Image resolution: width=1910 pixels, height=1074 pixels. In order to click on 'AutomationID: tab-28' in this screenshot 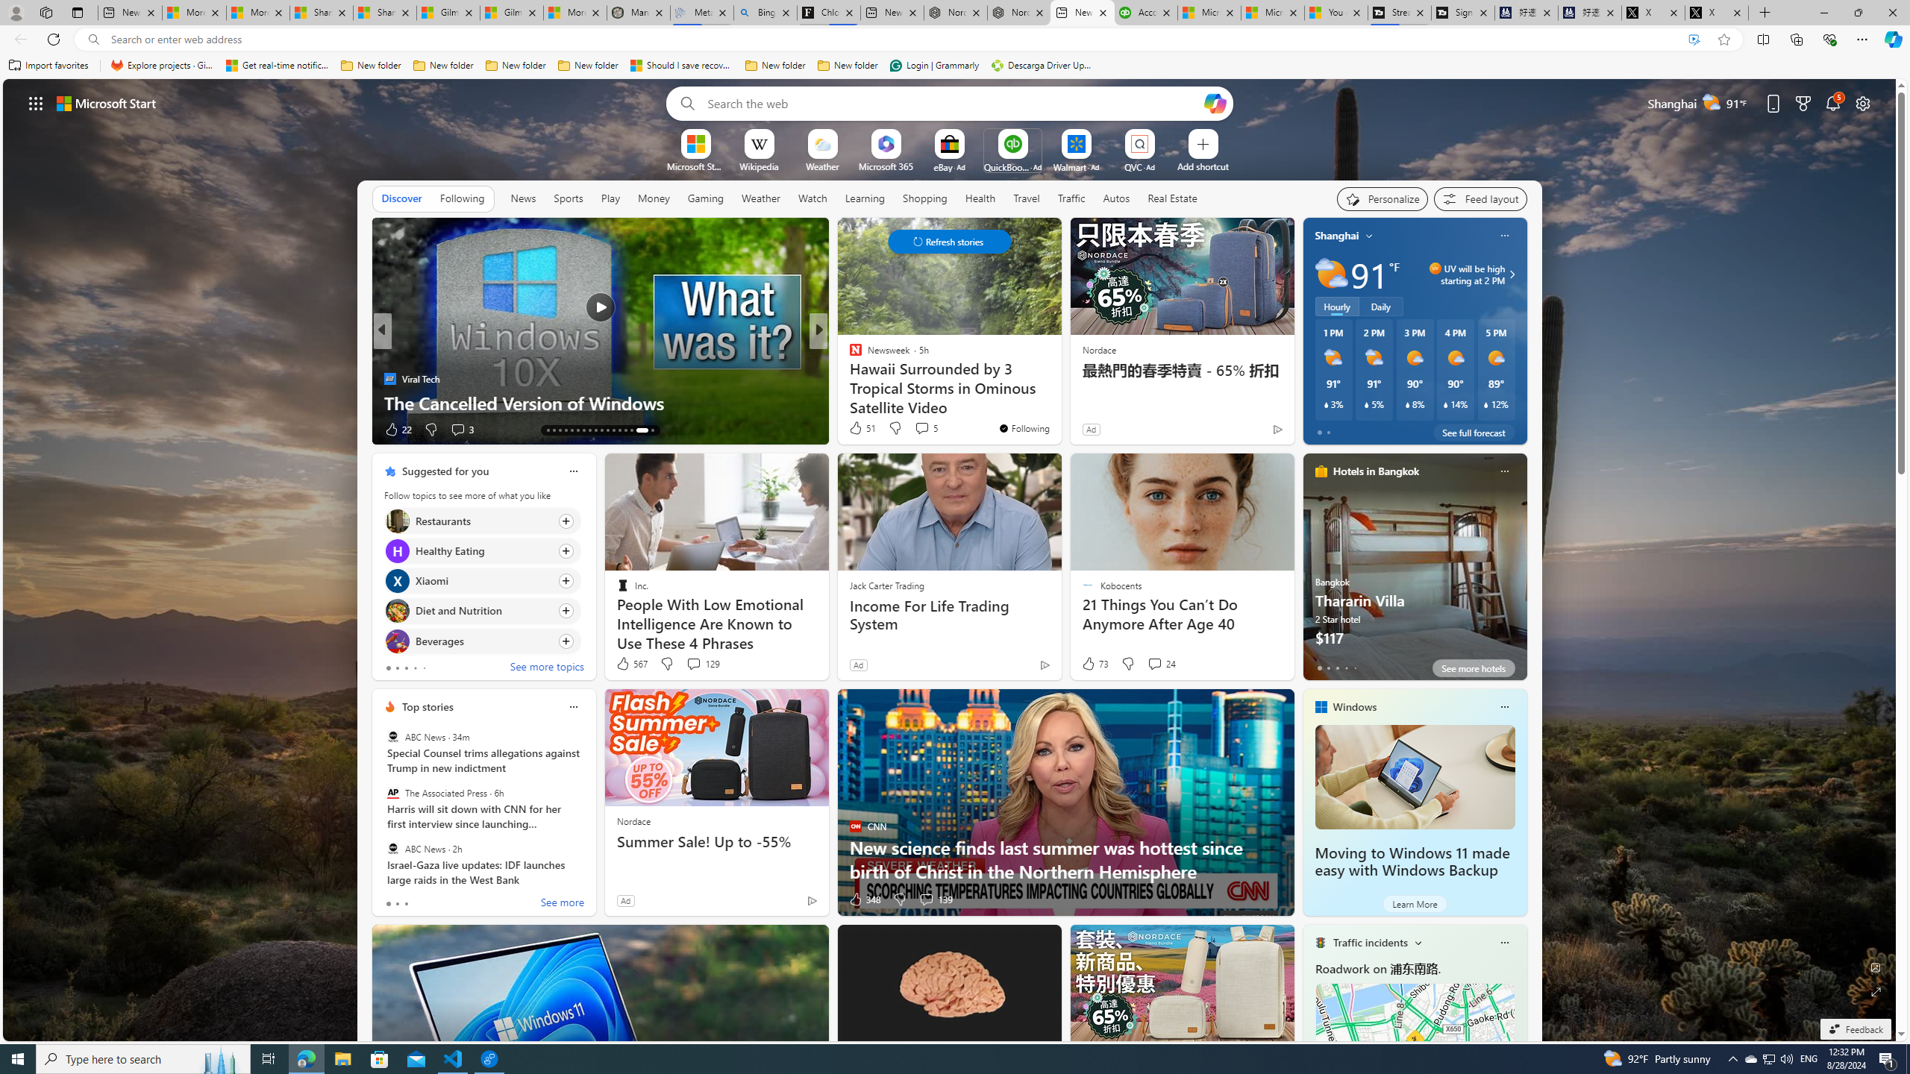, I will do `click(614, 430)`.